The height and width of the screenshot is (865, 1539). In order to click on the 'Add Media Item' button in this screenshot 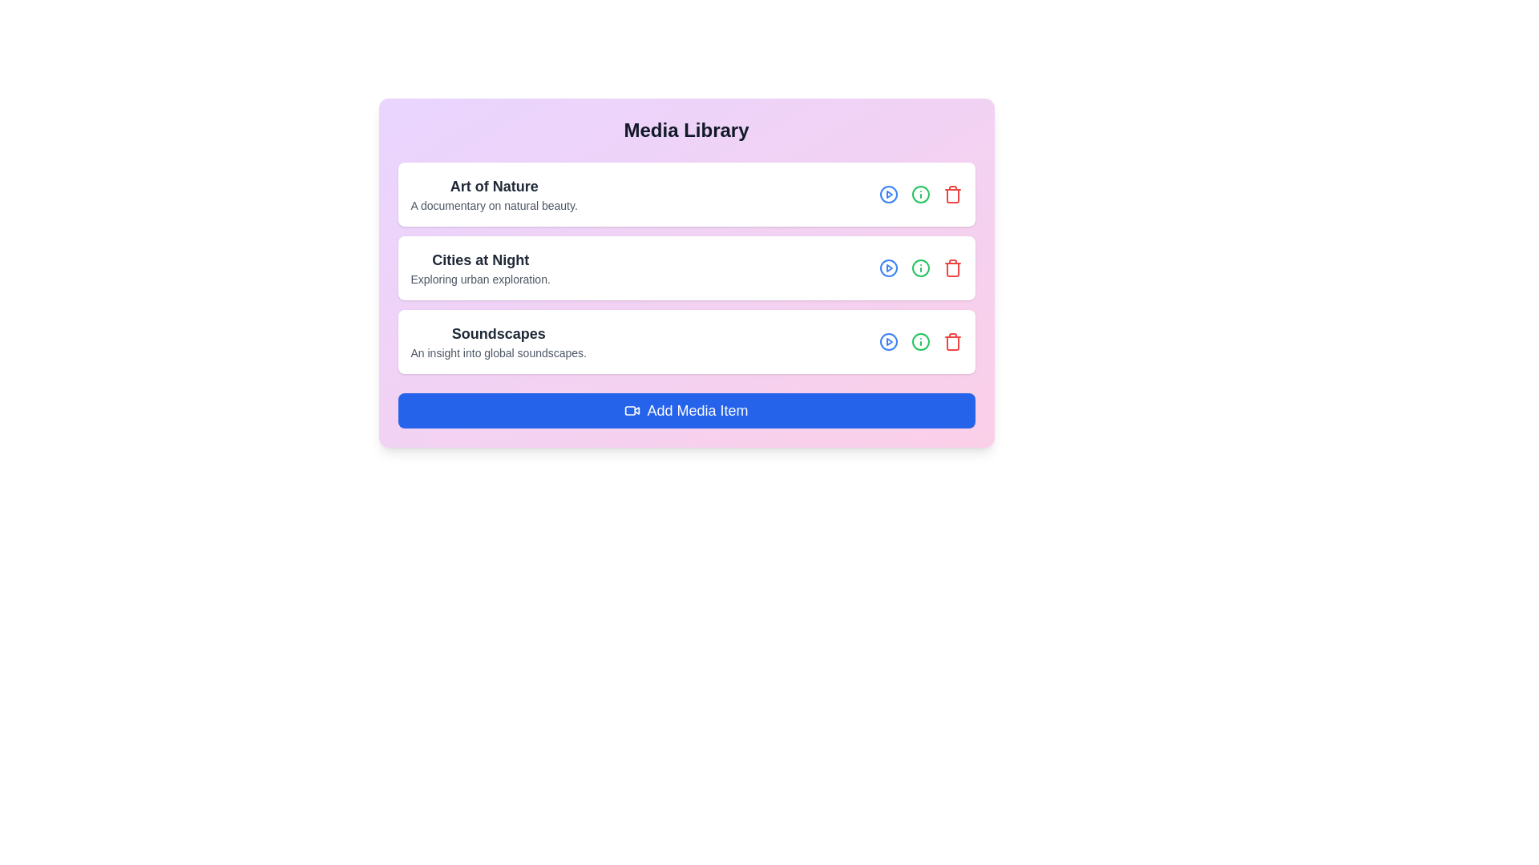, I will do `click(686, 410)`.